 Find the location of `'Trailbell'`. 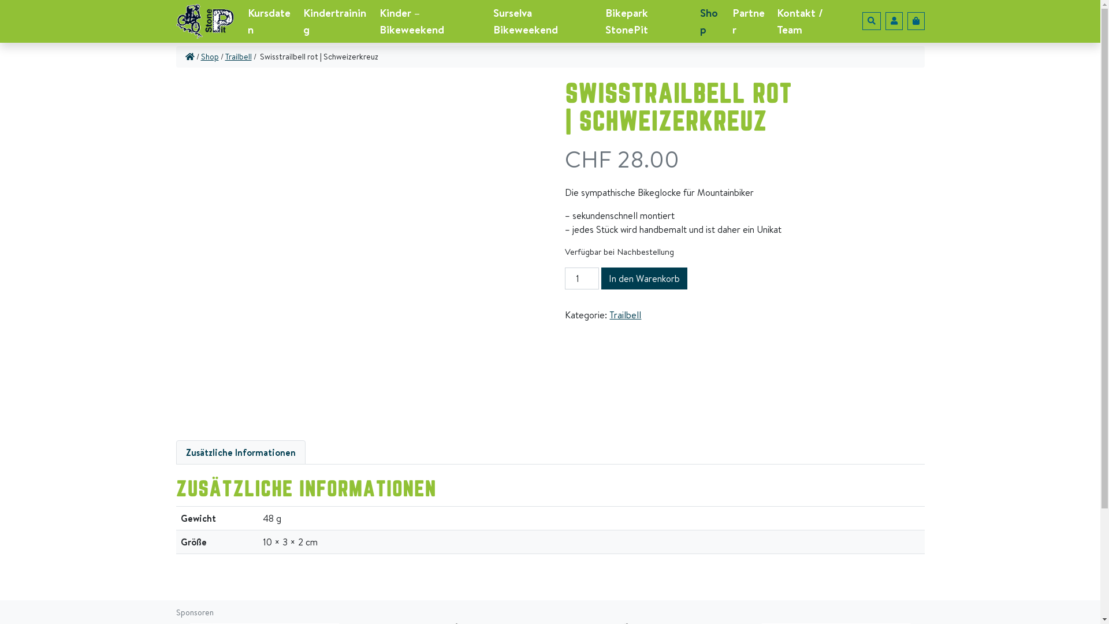

'Trailbell' is located at coordinates (237, 57).